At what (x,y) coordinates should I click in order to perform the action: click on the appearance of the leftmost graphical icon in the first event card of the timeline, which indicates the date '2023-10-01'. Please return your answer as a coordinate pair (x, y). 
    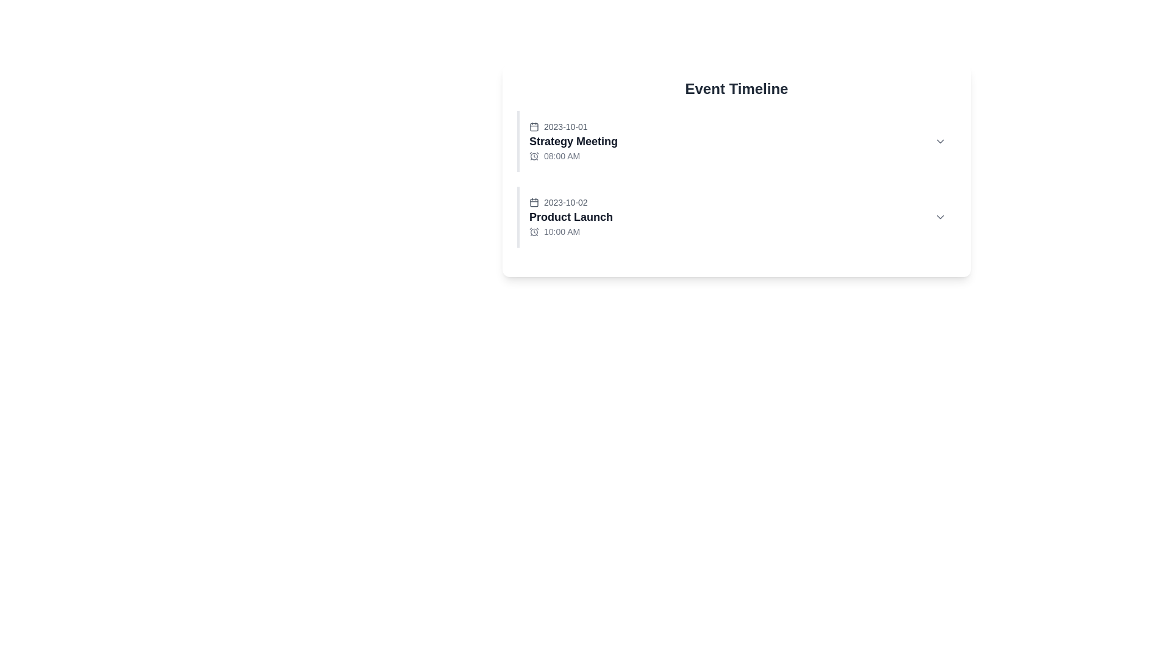
    Looking at the image, I should click on (534, 127).